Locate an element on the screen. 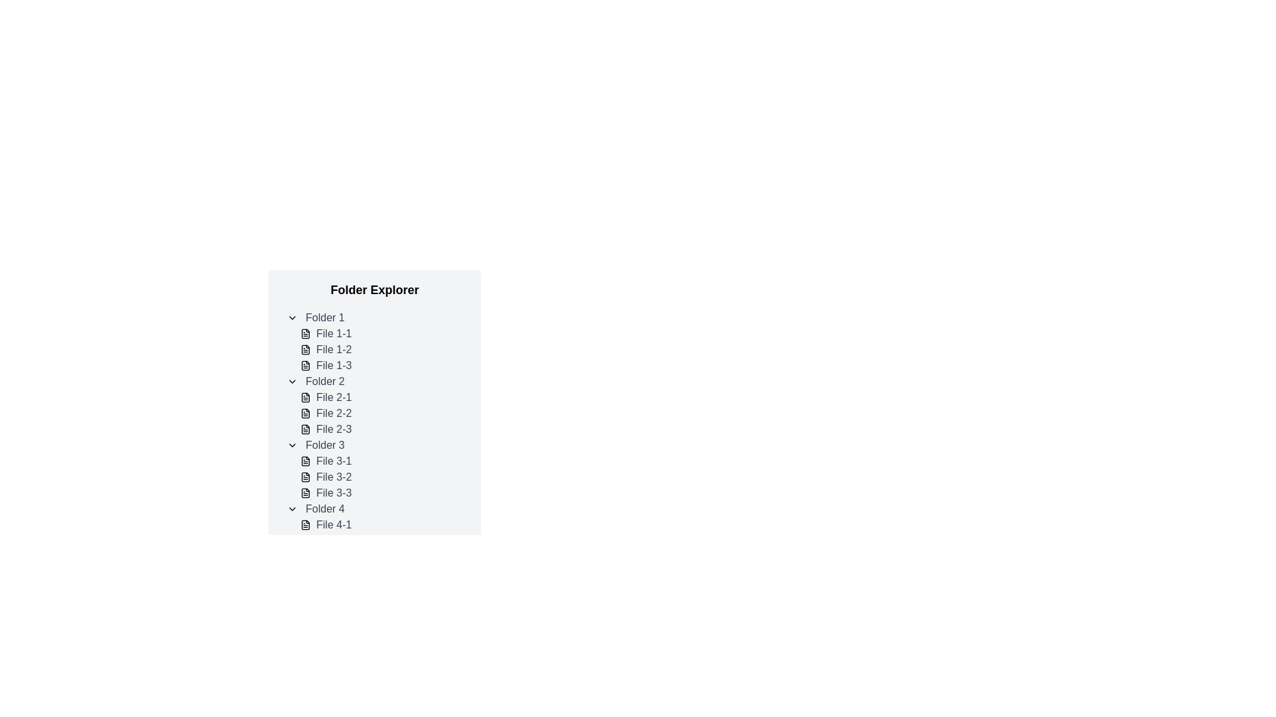 This screenshot has width=1276, height=717. the 'File 1-1' file item in the folder explorer is located at coordinates (385, 333).